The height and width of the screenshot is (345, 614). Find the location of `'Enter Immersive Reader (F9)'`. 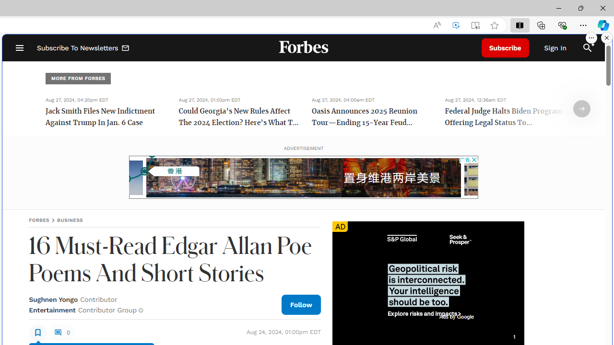

'Enter Immersive Reader (F9)' is located at coordinates (475, 25).